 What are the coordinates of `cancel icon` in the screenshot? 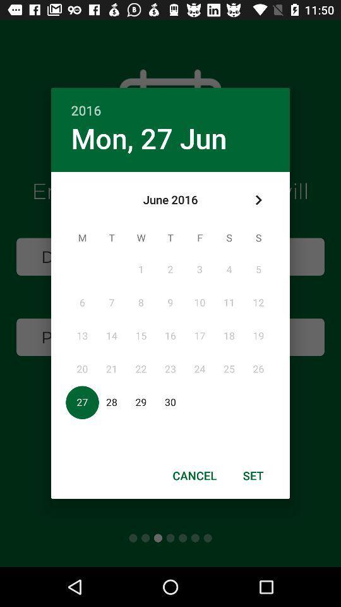 It's located at (194, 475).